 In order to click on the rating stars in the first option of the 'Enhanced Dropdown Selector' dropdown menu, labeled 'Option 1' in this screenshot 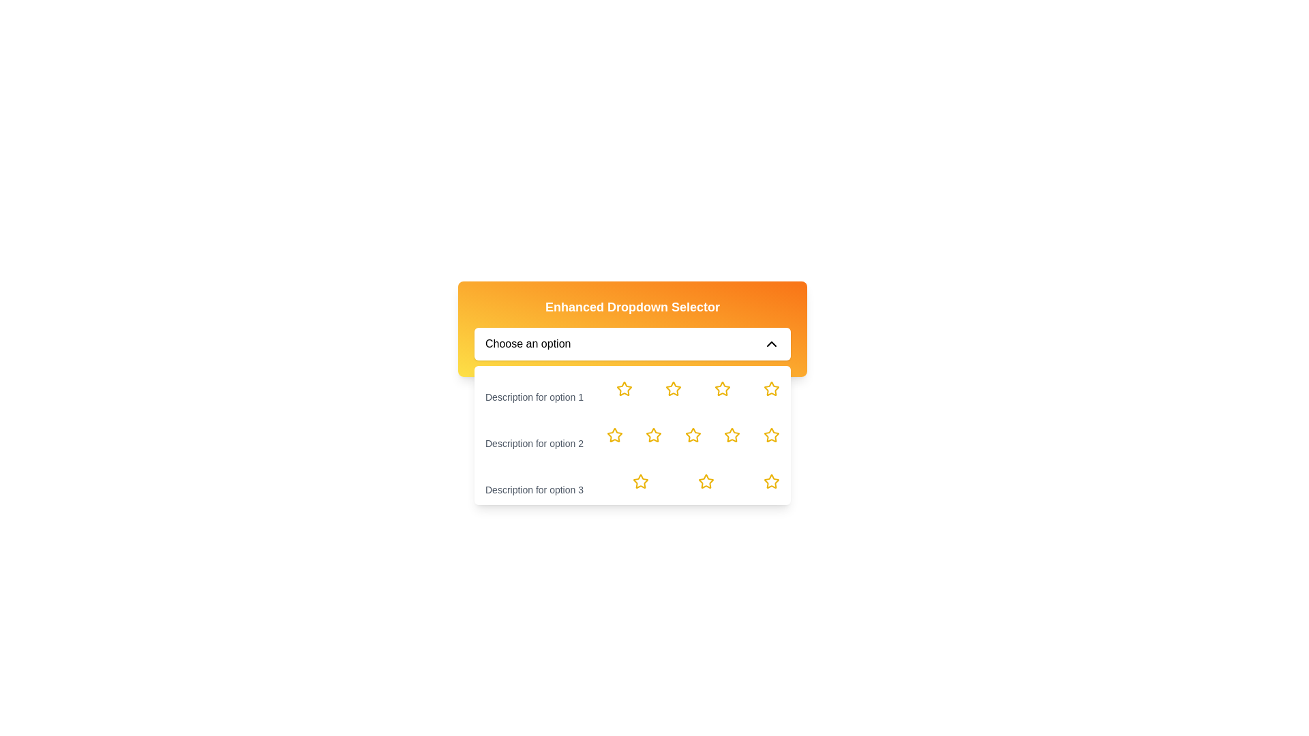, I will do `click(631, 388)`.